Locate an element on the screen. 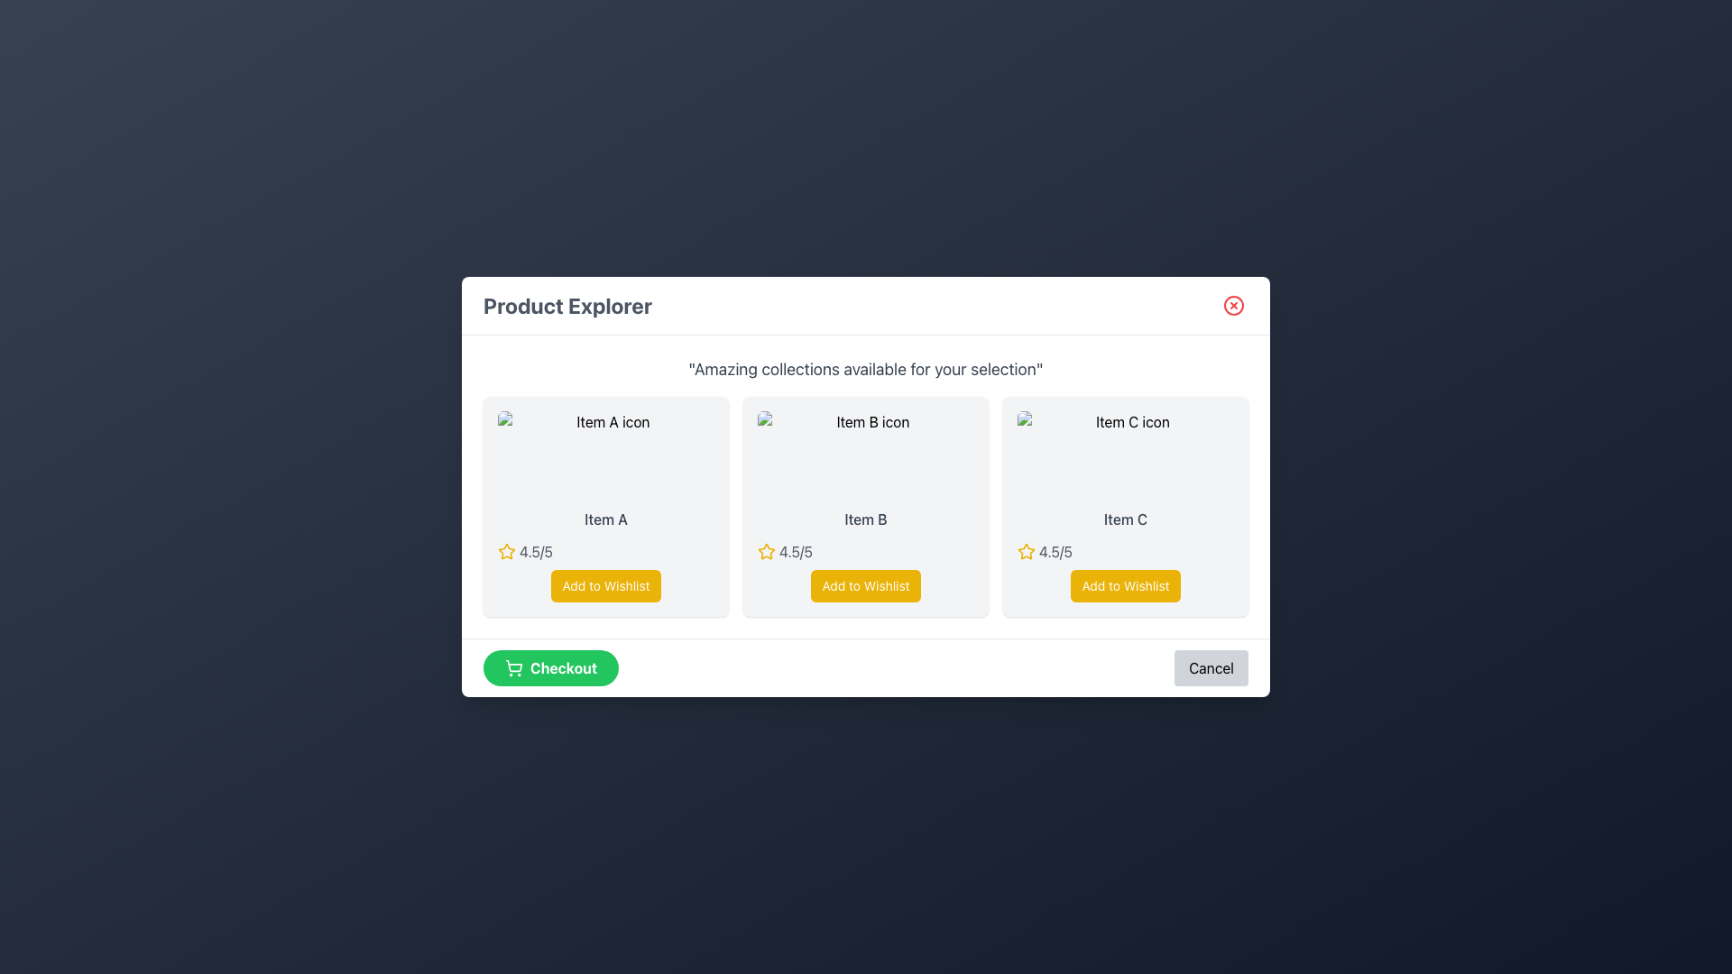 The width and height of the screenshot is (1732, 974). the rating label displaying '4.5/5', which is located to the right of the star icon and below the 'Item A' title in the first column of the items grid is located at coordinates (535, 551).